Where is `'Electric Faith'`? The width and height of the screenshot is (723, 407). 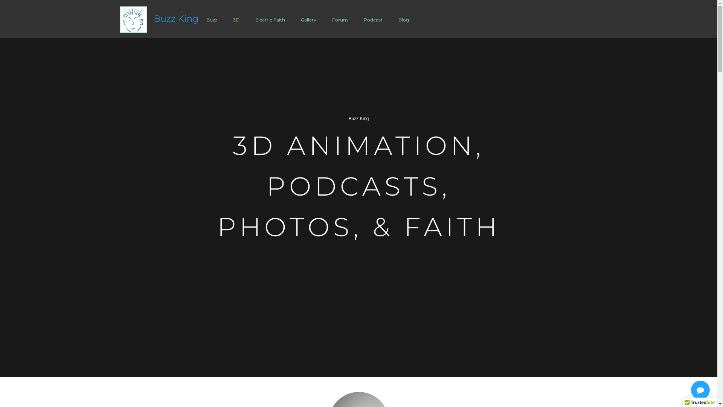 'Electric Faith' is located at coordinates (247, 19).